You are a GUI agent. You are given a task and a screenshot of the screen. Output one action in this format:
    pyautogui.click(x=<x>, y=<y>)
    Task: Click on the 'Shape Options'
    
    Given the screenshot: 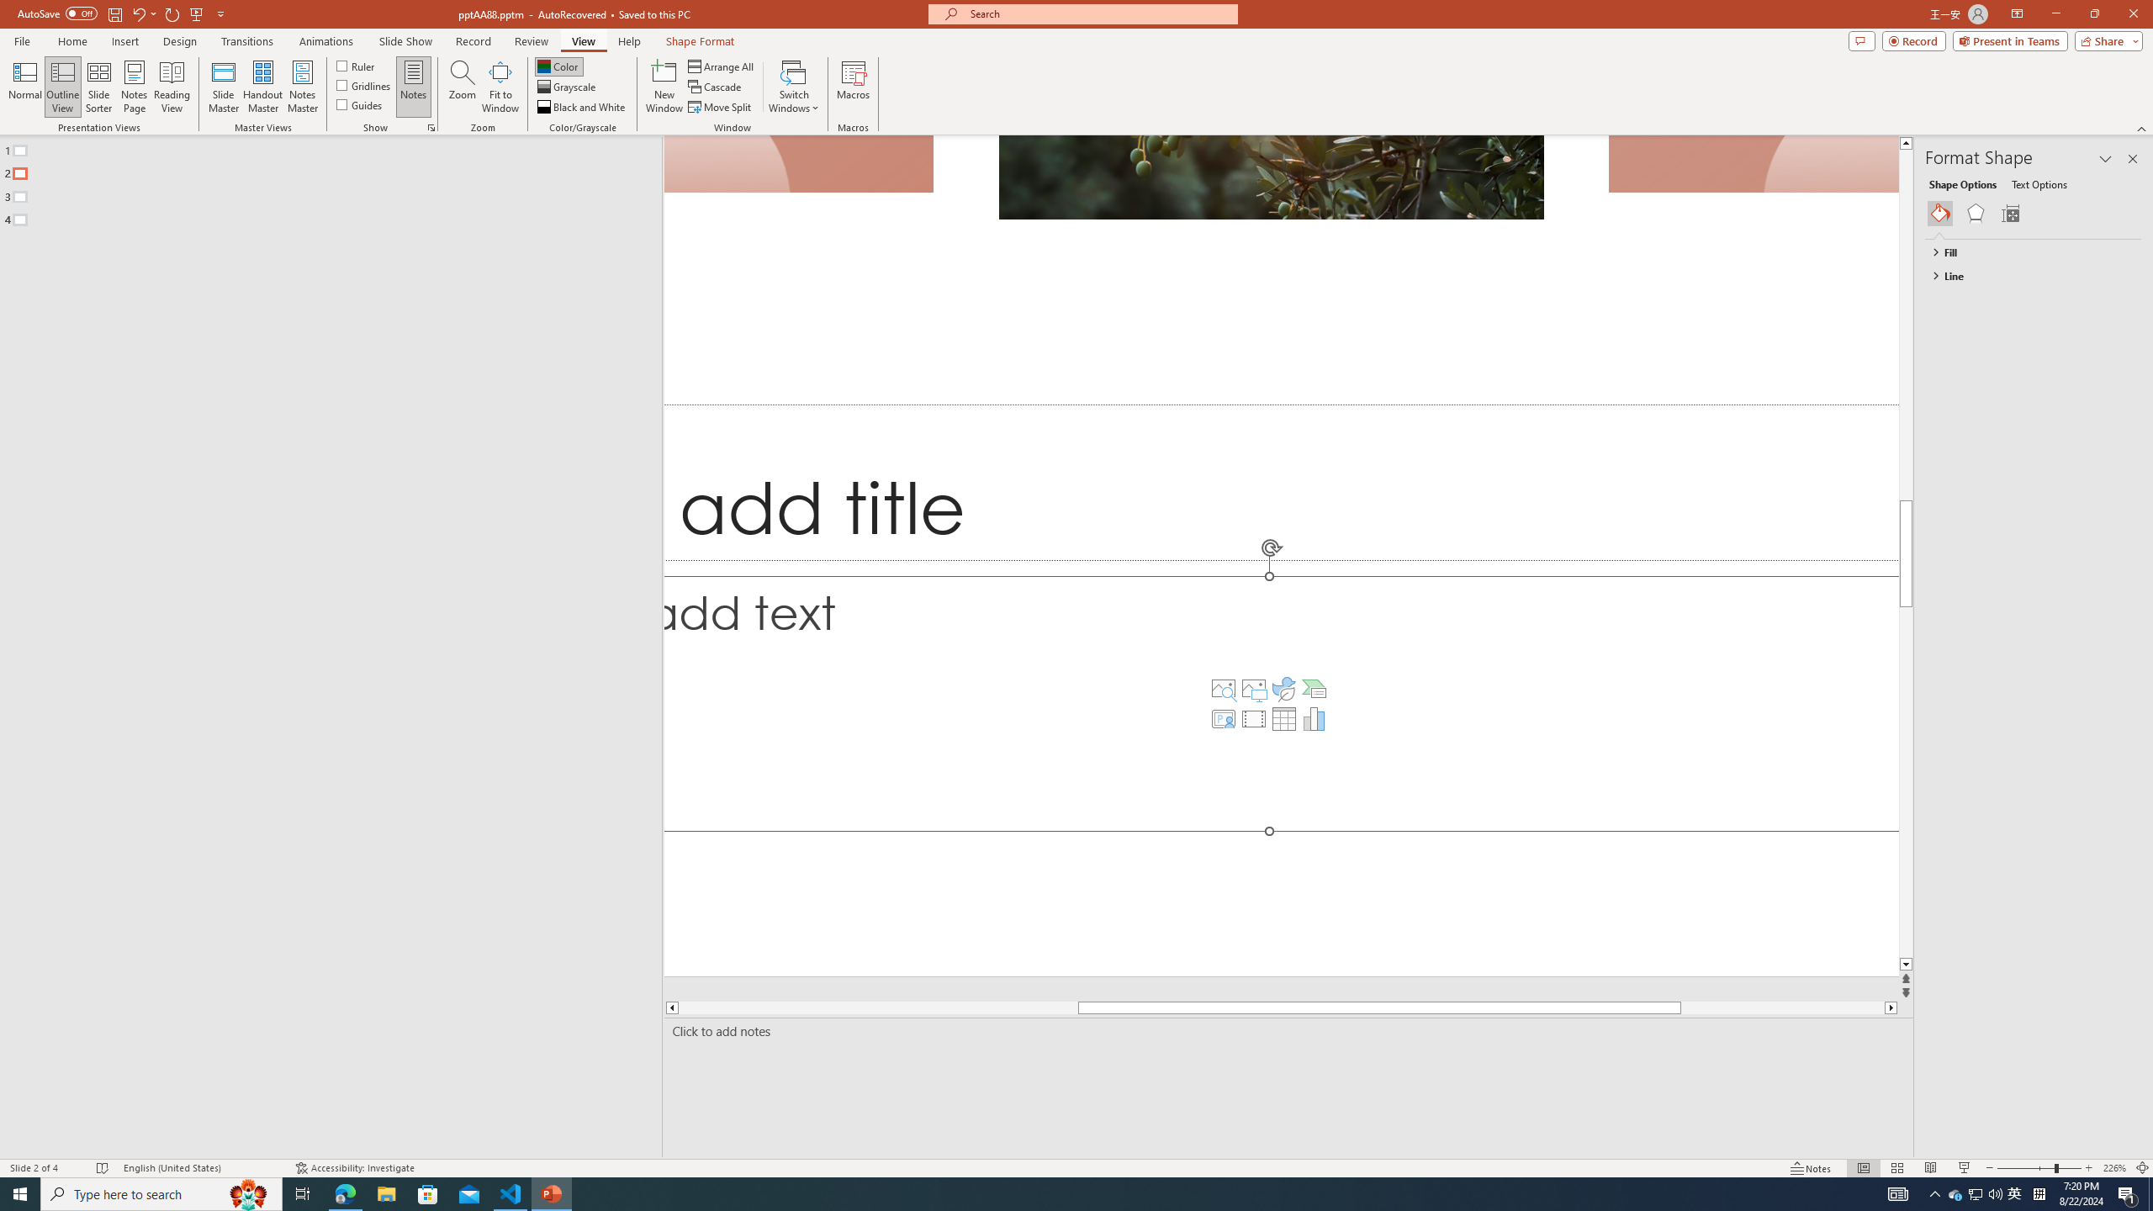 What is the action you would take?
    pyautogui.click(x=1962, y=183)
    